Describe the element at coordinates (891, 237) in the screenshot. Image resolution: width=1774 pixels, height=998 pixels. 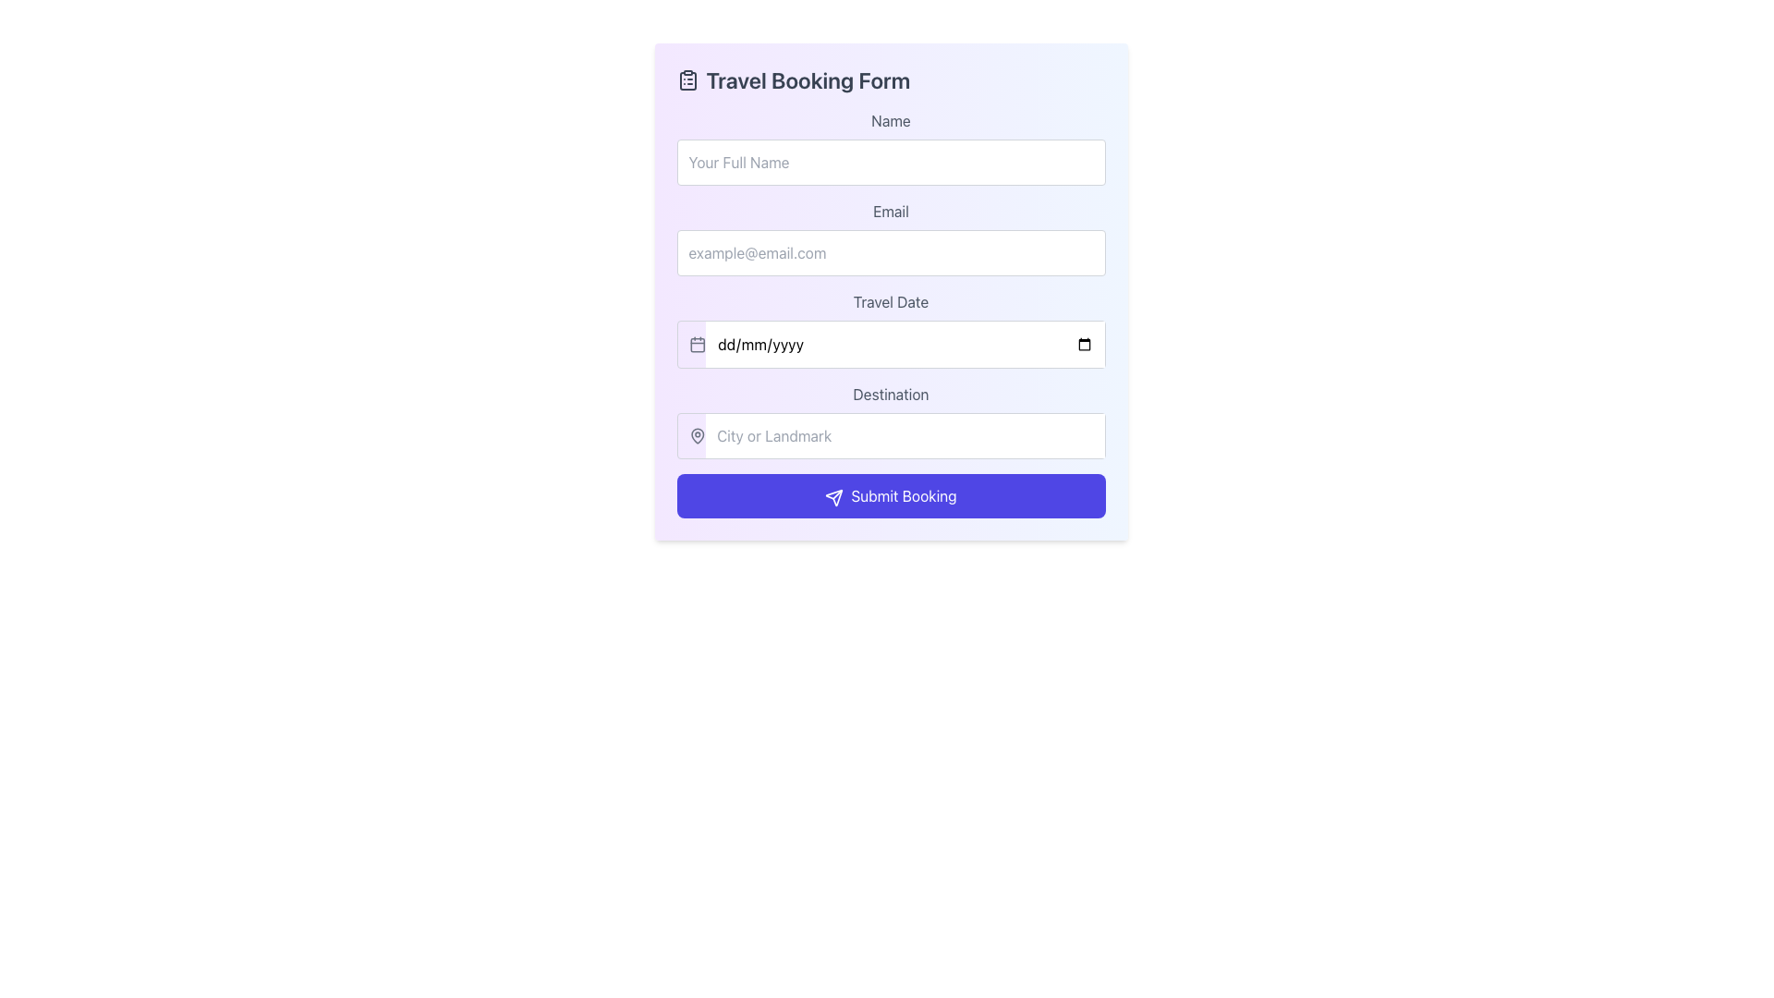
I see `the email input field located below the 'Name' input field and above the 'Travel Date' input field` at that location.